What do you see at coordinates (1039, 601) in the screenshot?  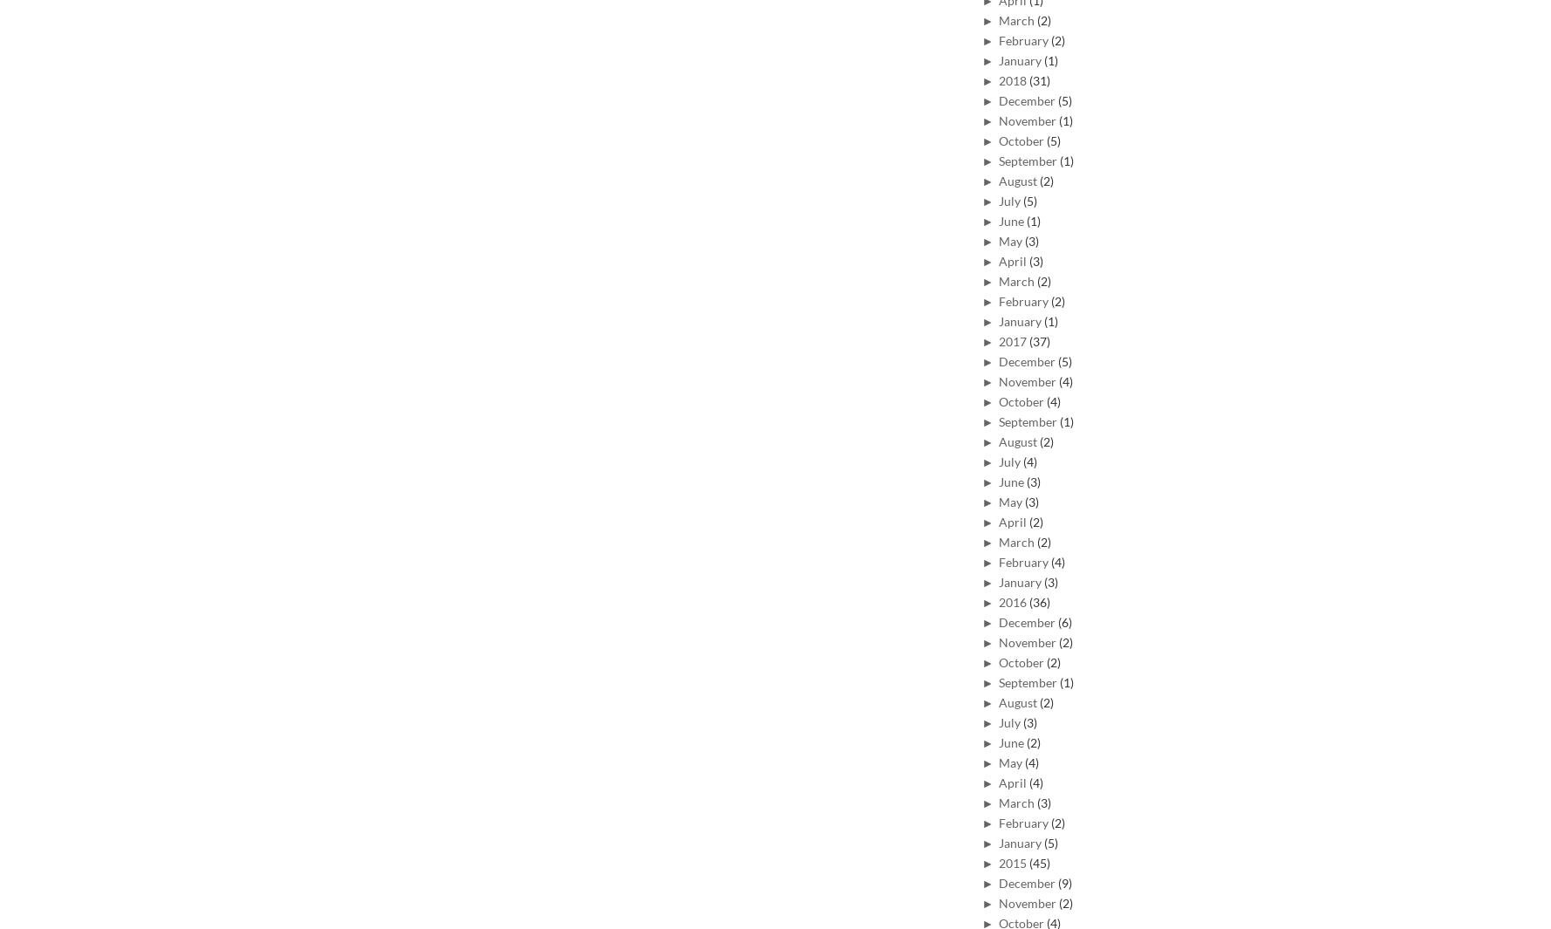 I see `'(36)'` at bounding box center [1039, 601].